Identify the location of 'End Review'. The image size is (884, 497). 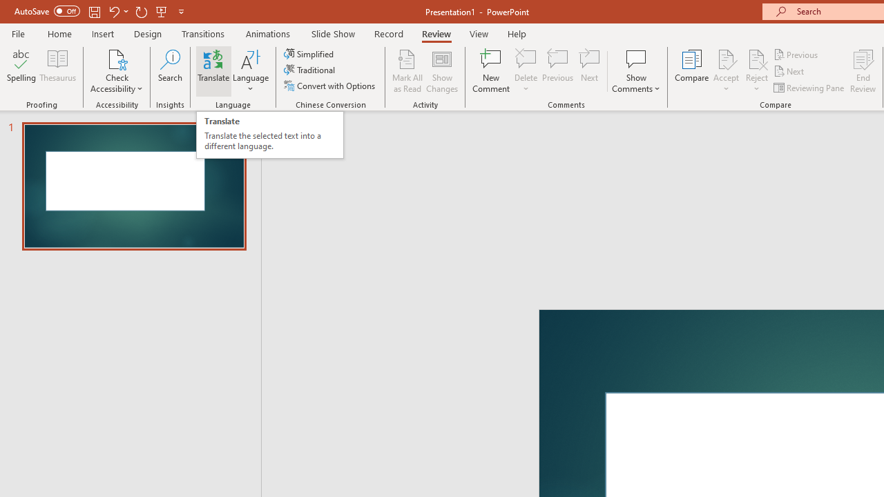
(862, 71).